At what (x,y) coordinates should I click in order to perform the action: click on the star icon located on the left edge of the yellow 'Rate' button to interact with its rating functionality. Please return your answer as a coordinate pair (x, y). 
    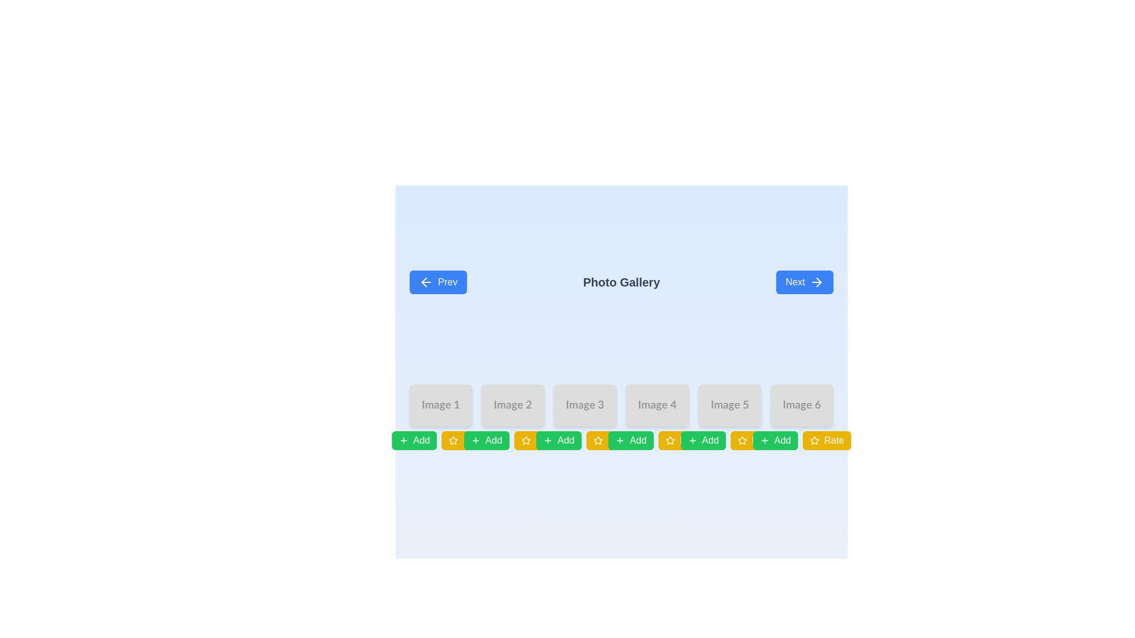
    Looking at the image, I should click on (814, 440).